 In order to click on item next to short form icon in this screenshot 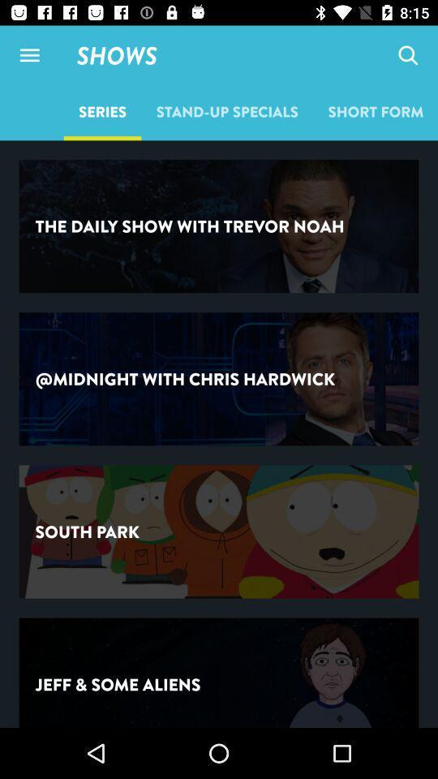, I will do `click(226, 110)`.